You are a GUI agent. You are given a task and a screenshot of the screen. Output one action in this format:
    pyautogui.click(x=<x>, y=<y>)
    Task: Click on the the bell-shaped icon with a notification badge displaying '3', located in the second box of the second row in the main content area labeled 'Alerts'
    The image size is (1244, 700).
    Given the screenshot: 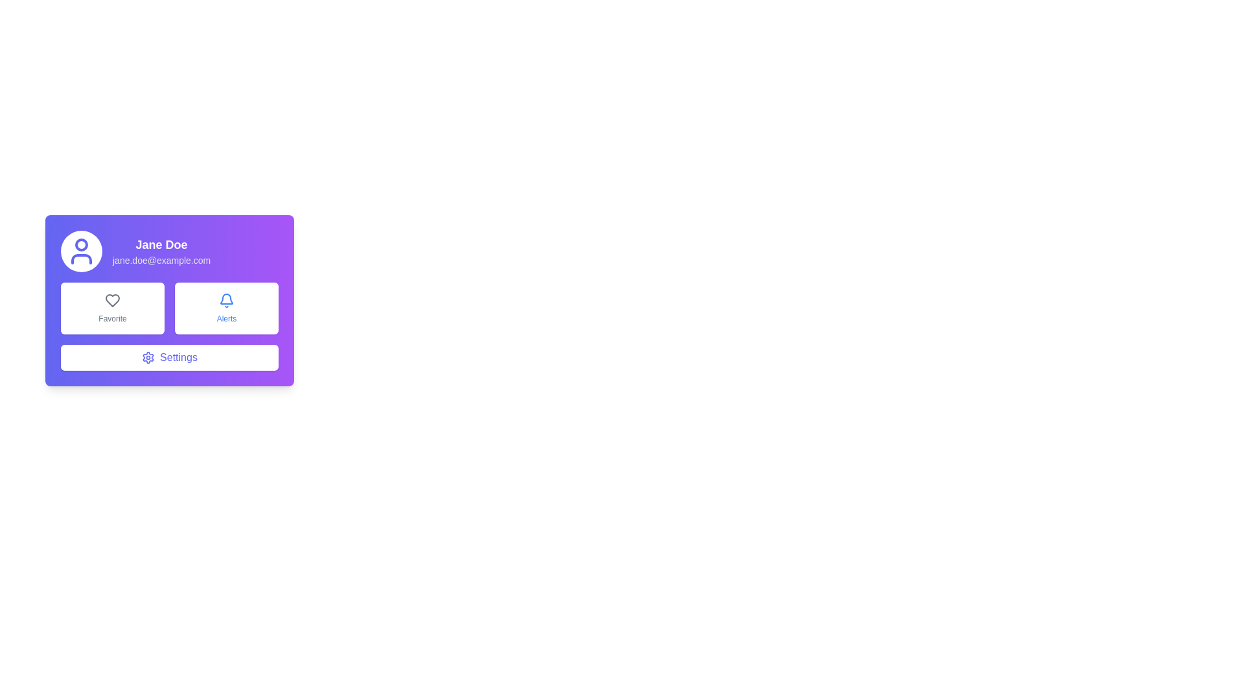 What is the action you would take?
    pyautogui.click(x=227, y=300)
    